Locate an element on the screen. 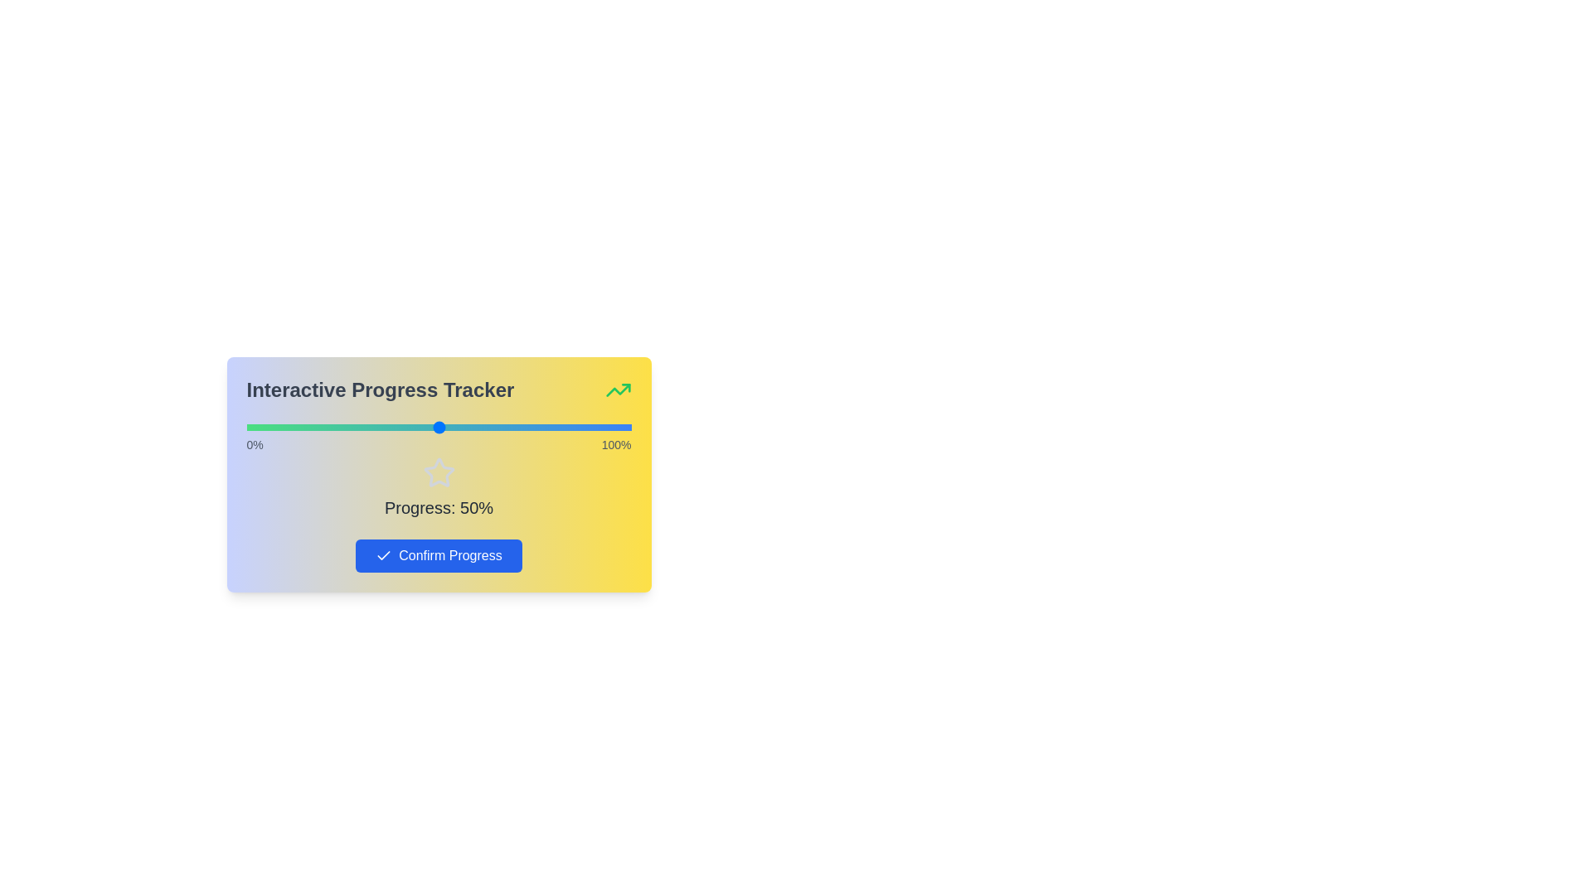 The image size is (1592, 895). the progress slider to 60% is located at coordinates (476, 427).